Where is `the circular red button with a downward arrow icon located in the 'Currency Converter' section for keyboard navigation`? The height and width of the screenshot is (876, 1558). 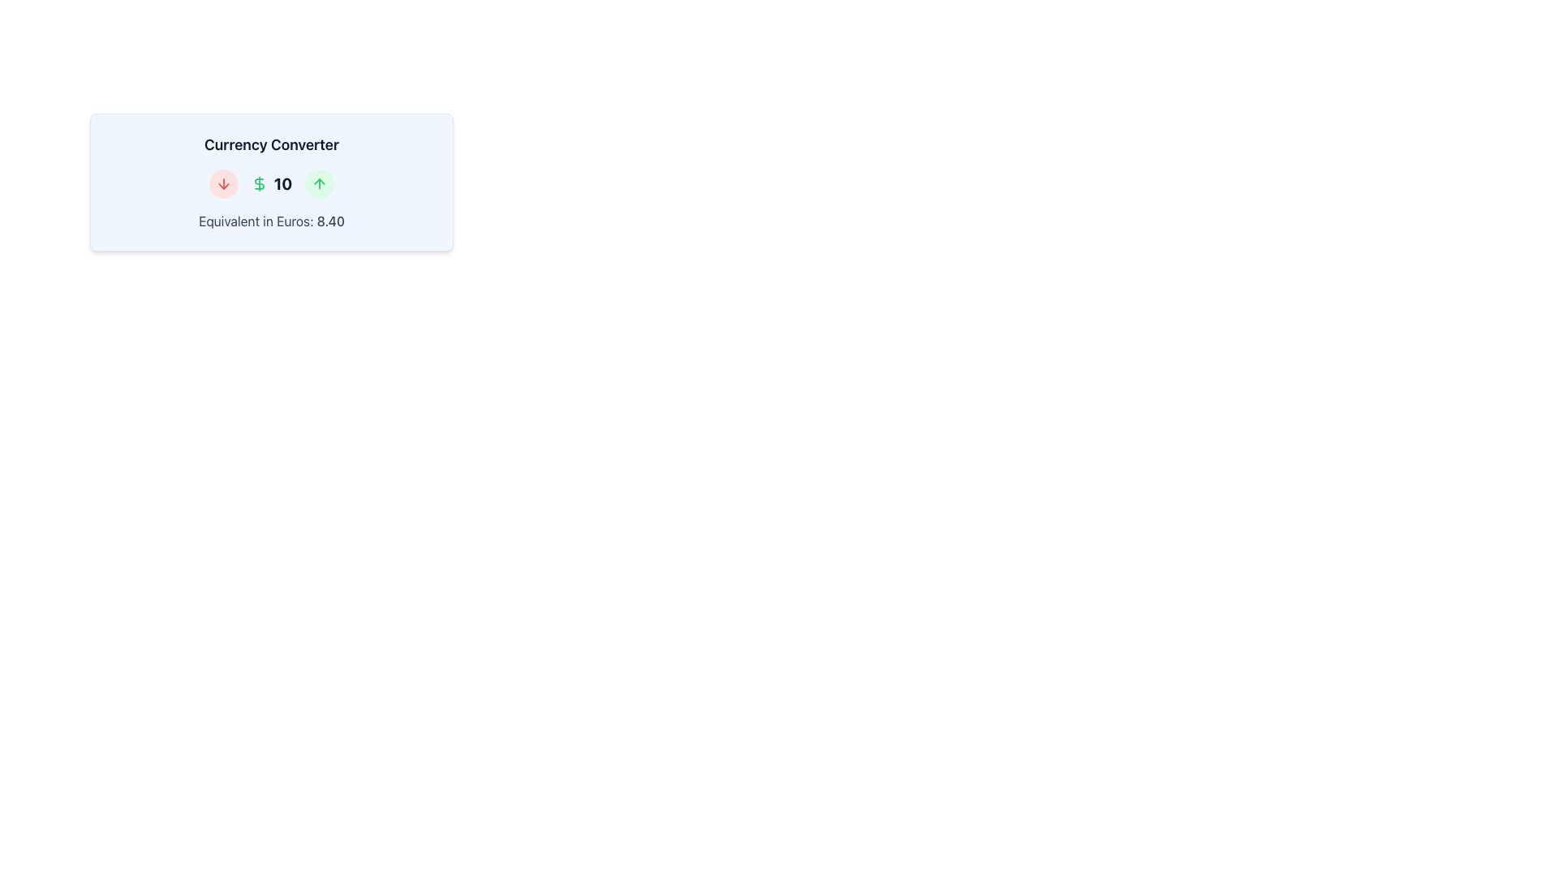
the circular red button with a downward arrow icon located in the 'Currency Converter' section for keyboard navigation is located at coordinates (222, 183).